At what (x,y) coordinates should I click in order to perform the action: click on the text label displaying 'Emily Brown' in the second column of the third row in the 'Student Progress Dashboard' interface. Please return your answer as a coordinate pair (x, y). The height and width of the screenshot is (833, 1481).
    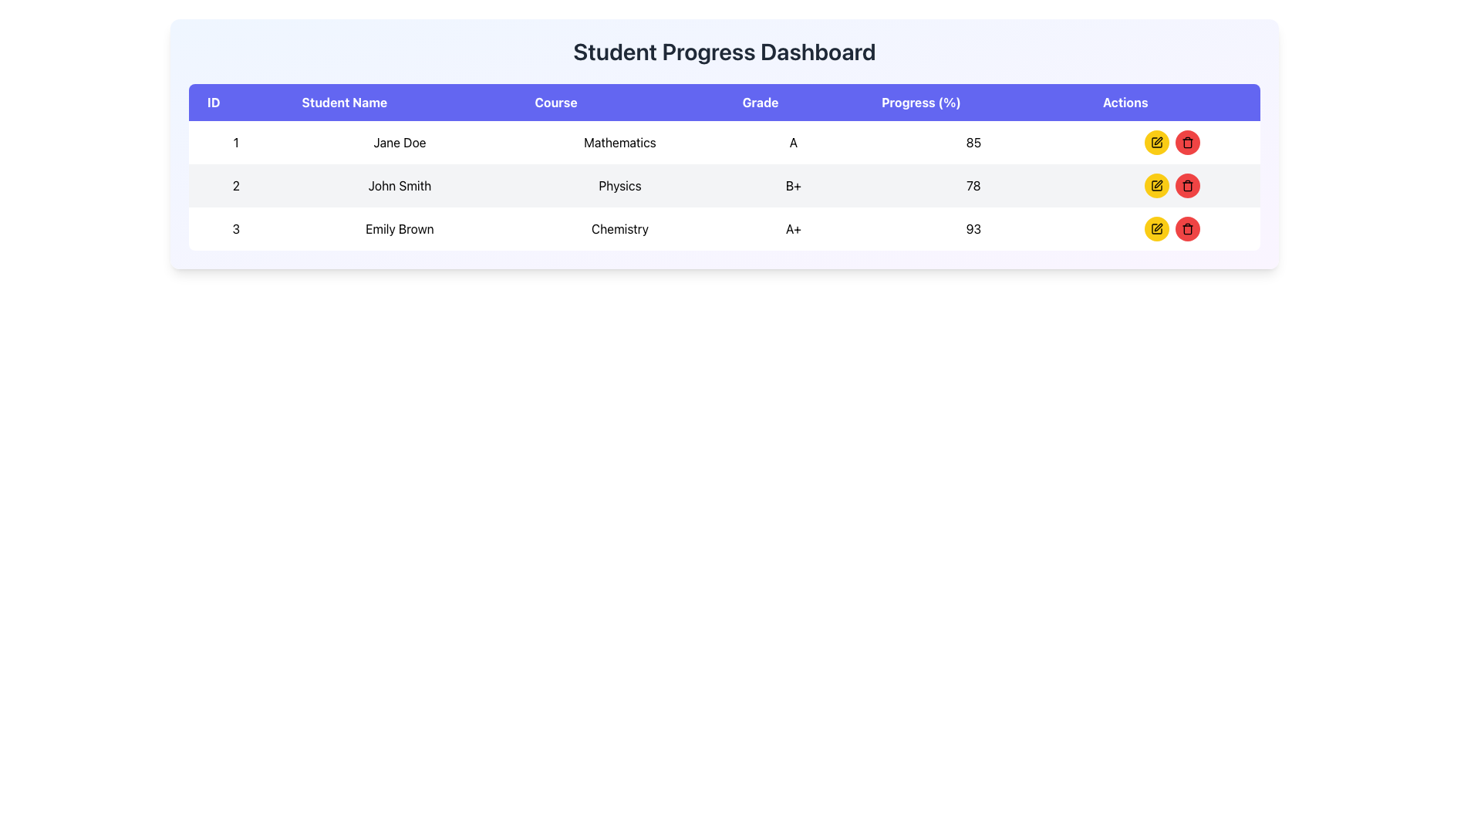
    Looking at the image, I should click on (400, 229).